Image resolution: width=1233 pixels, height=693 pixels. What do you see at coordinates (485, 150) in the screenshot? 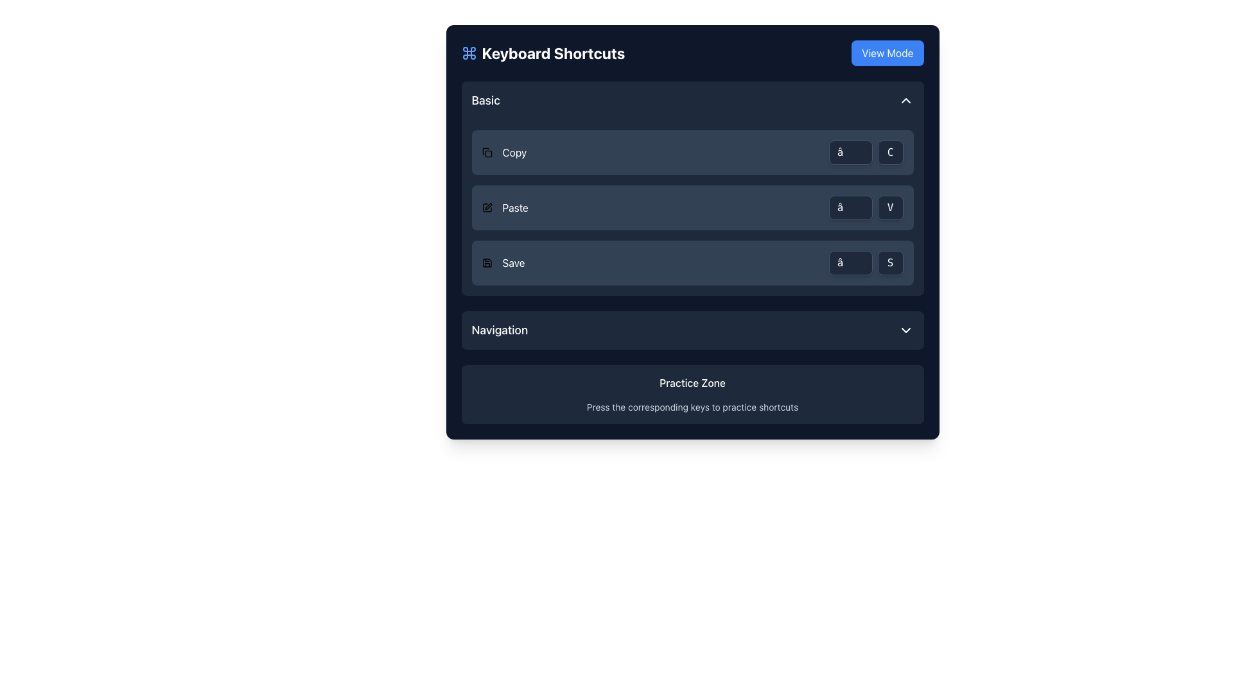
I see `the icon resembling a document with a folded corner, located next to the 'Copy' text label in the 'Basic' section of the keyboard shortcuts interface` at bounding box center [485, 150].